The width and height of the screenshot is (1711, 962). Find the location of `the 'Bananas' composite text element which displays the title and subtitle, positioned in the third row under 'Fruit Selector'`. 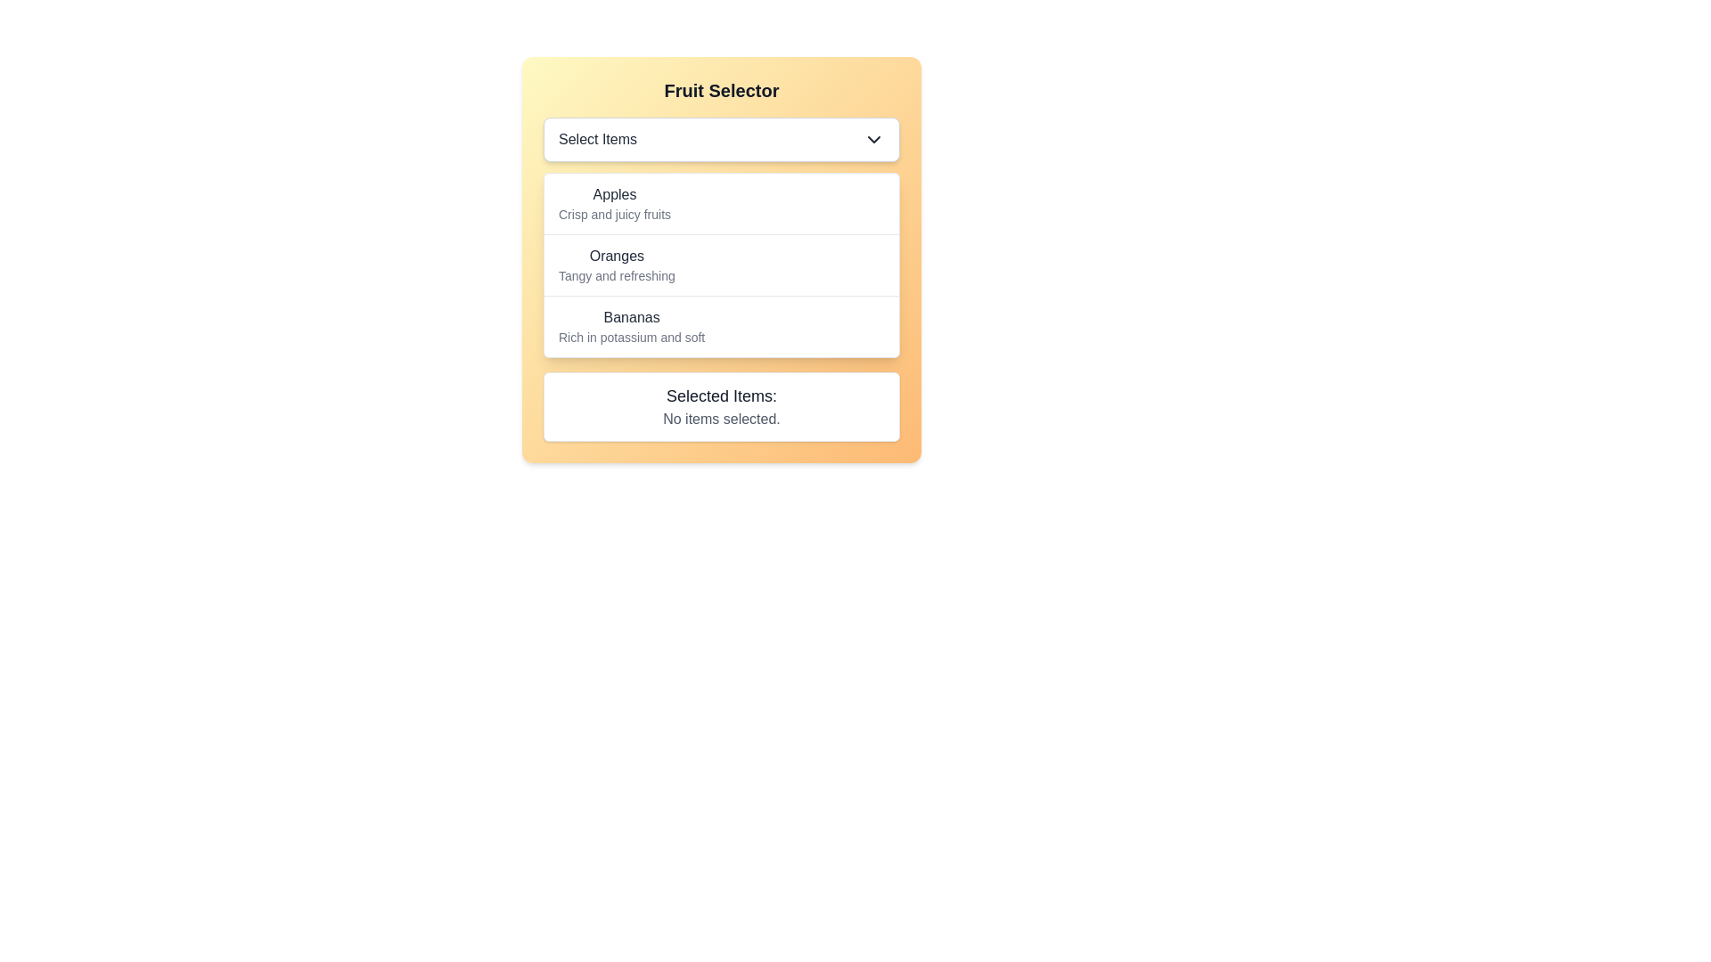

the 'Bananas' composite text element which displays the title and subtitle, positioned in the third row under 'Fruit Selector' is located at coordinates (632, 326).